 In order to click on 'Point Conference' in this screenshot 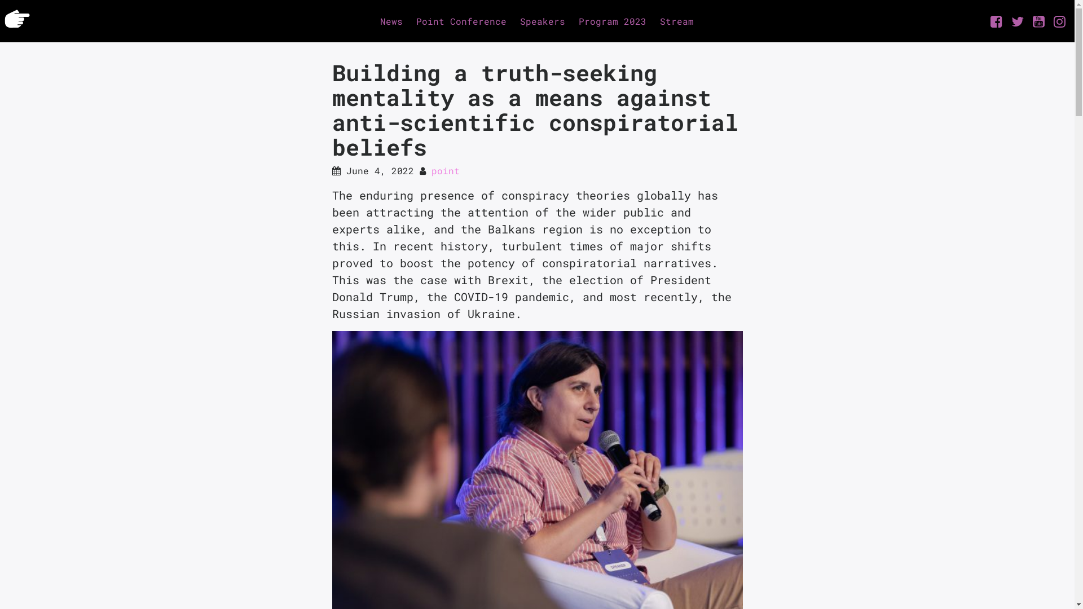, I will do `click(461, 21)`.